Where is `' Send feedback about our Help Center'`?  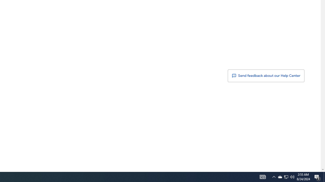
' Send feedback about our Help Center' is located at coordinates (266, 76).